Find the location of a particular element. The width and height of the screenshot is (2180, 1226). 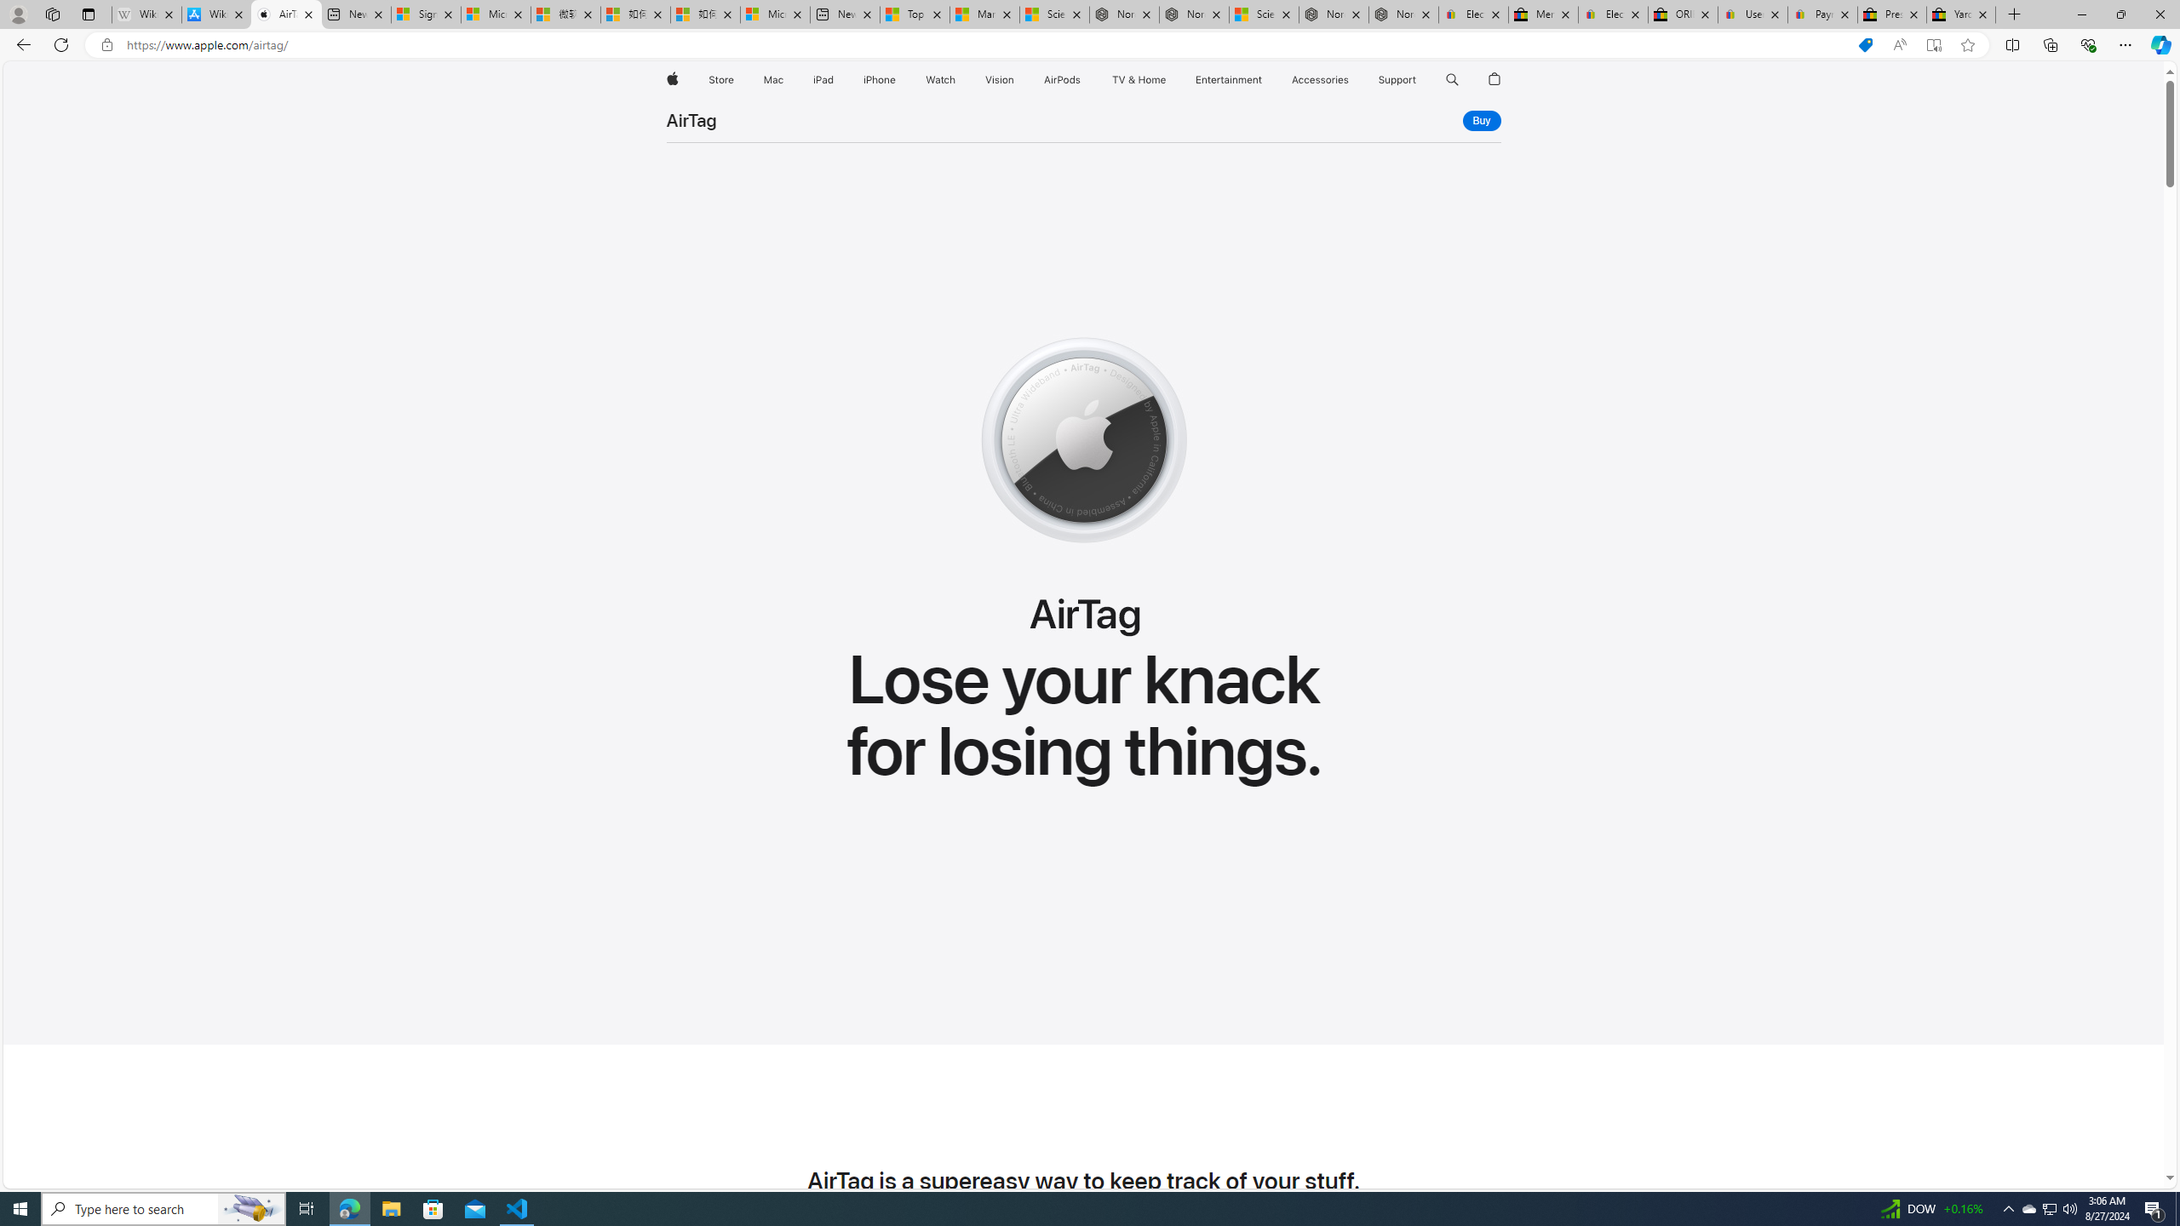

'Search apple.com' is located at coordinates (1452, 79).